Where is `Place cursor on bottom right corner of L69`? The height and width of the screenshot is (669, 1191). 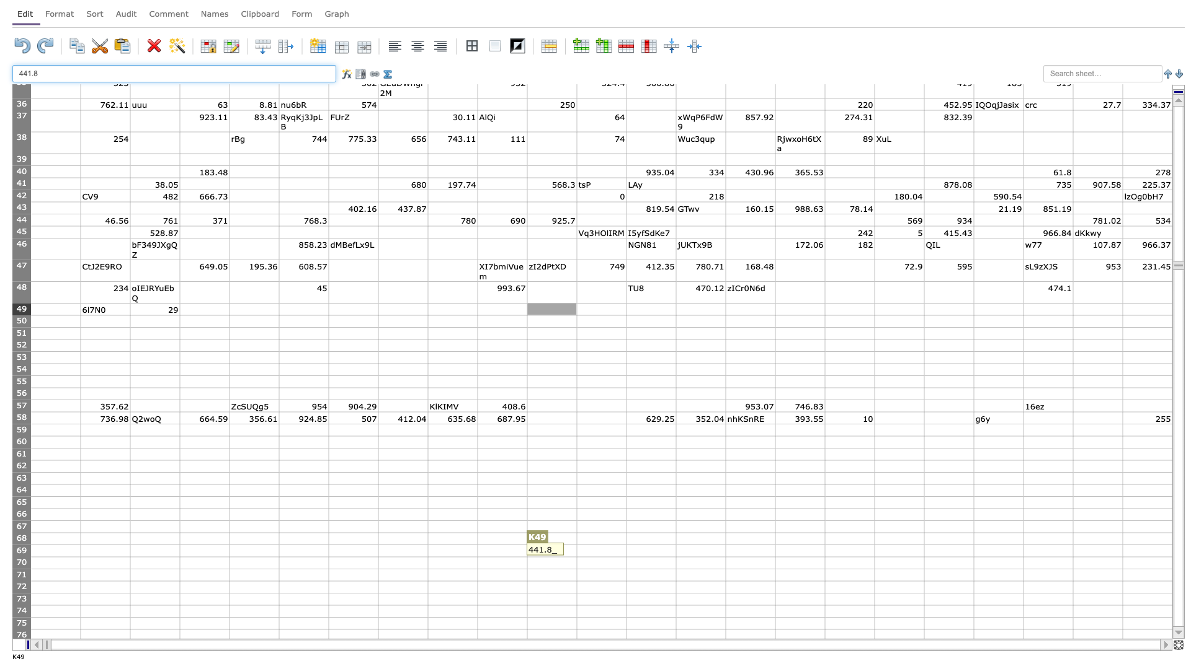 Place cursor on bottom right corner of L69 is located at coordinates (626, 556).